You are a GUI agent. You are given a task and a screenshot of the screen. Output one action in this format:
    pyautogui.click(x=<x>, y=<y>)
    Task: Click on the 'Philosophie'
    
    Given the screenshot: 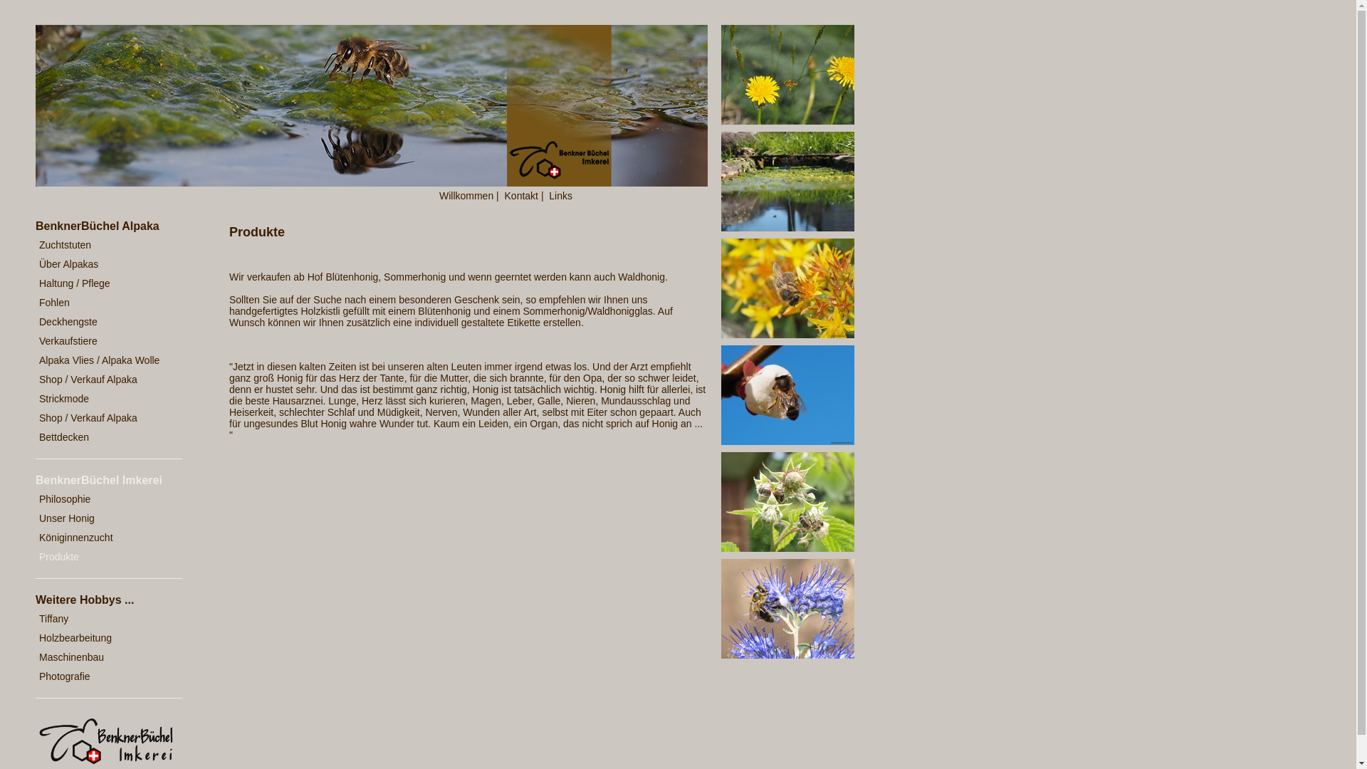 What is the action you would take?
    pyautogui.click(x=102, y=498)
    